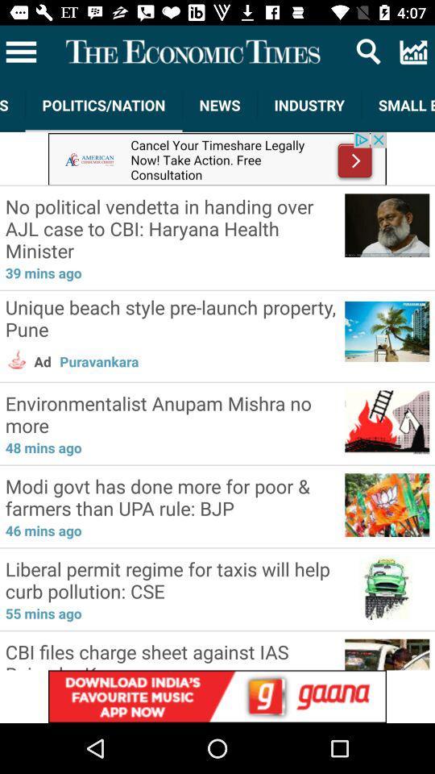 The width and height of the screenshot is (435, 774). I want to click on the title, so click(193, 52).